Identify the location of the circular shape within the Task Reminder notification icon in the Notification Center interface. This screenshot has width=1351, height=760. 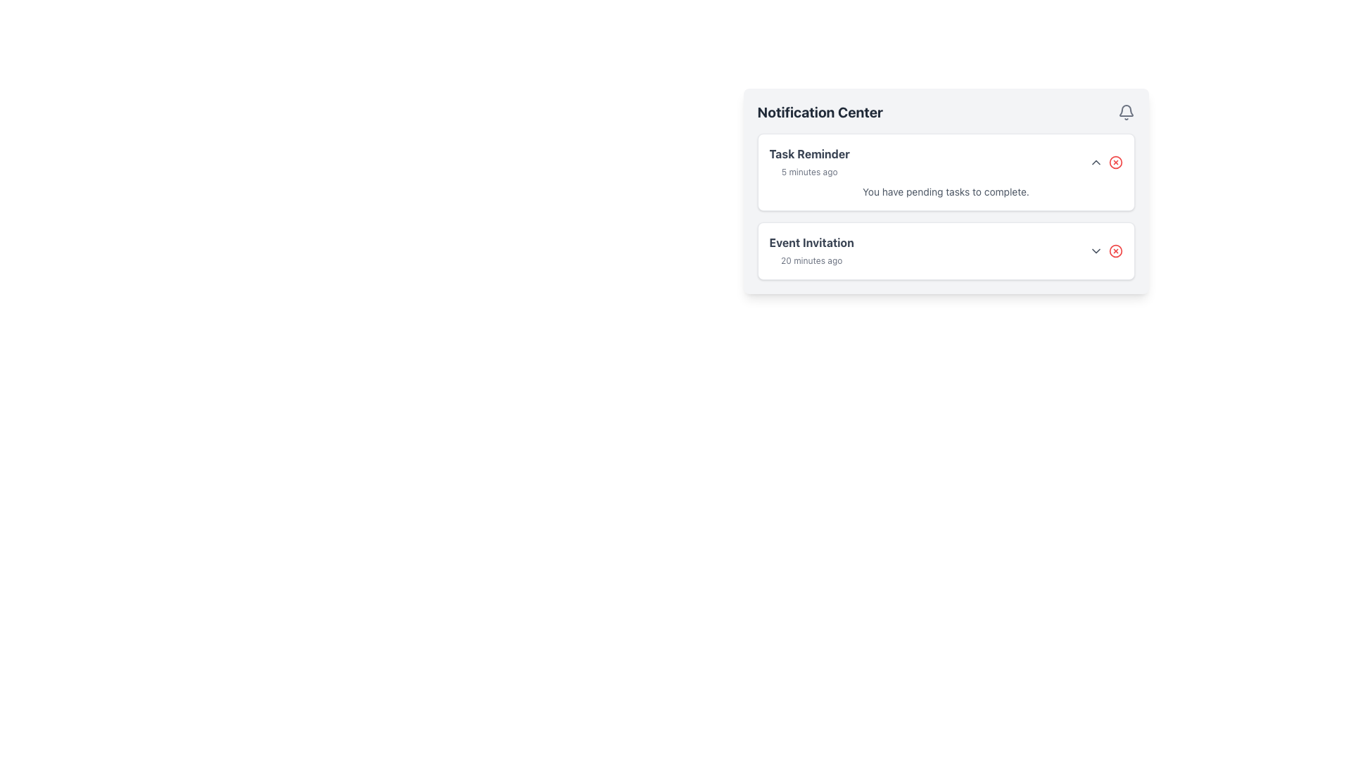
(1115, 162).